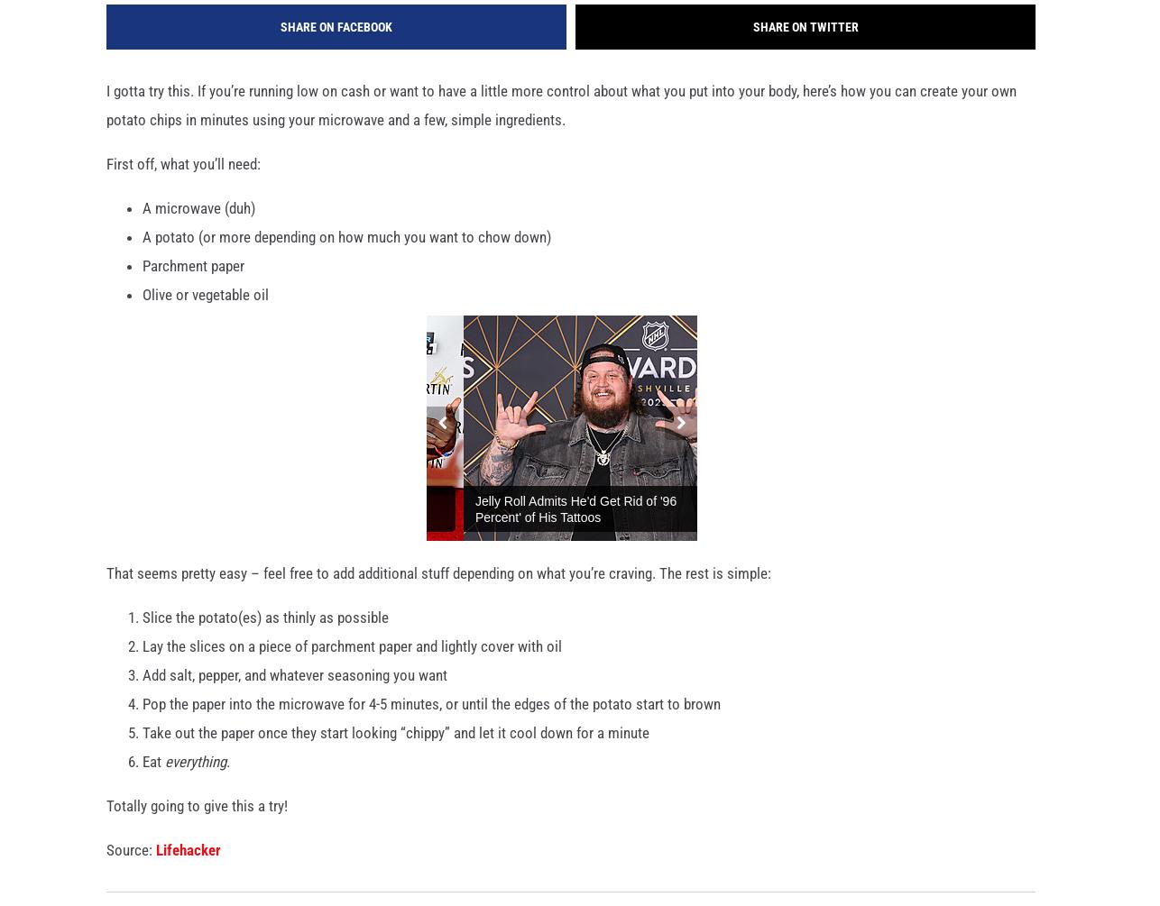 Image resolution: width=1160 pixels, height=906 pixels. Describe the element at coordinates (195, 769) in the screenshot. I see `'everything'` at that location.